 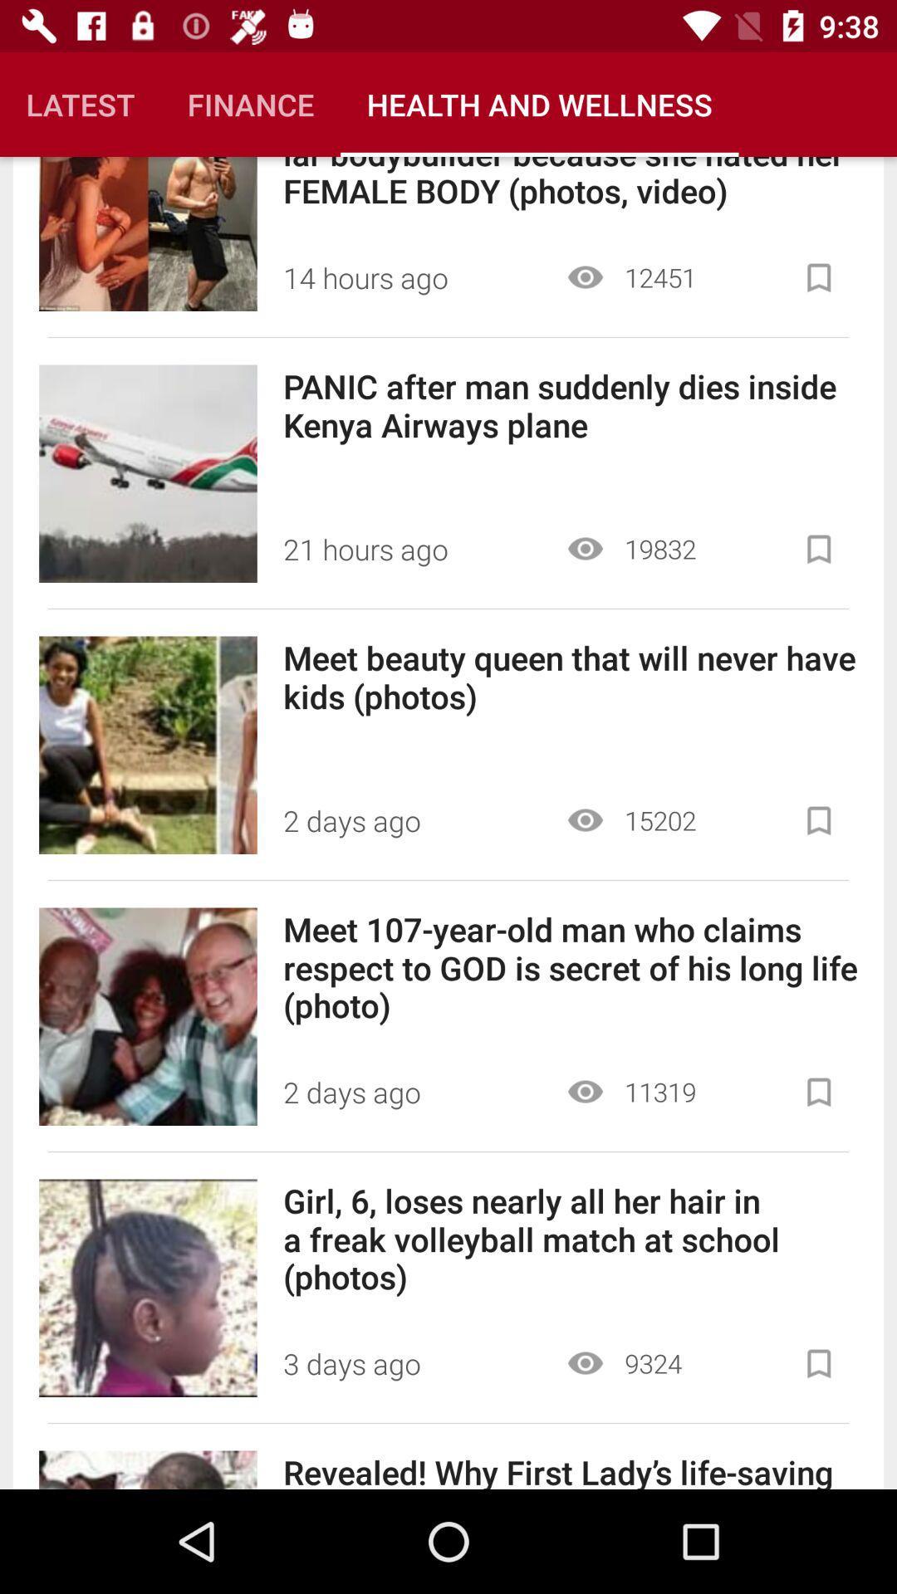 What do you see at coordinates (818, 1092) in the screenshot?
I see `bookmark/save the article` at bounding box center [818, 1092].